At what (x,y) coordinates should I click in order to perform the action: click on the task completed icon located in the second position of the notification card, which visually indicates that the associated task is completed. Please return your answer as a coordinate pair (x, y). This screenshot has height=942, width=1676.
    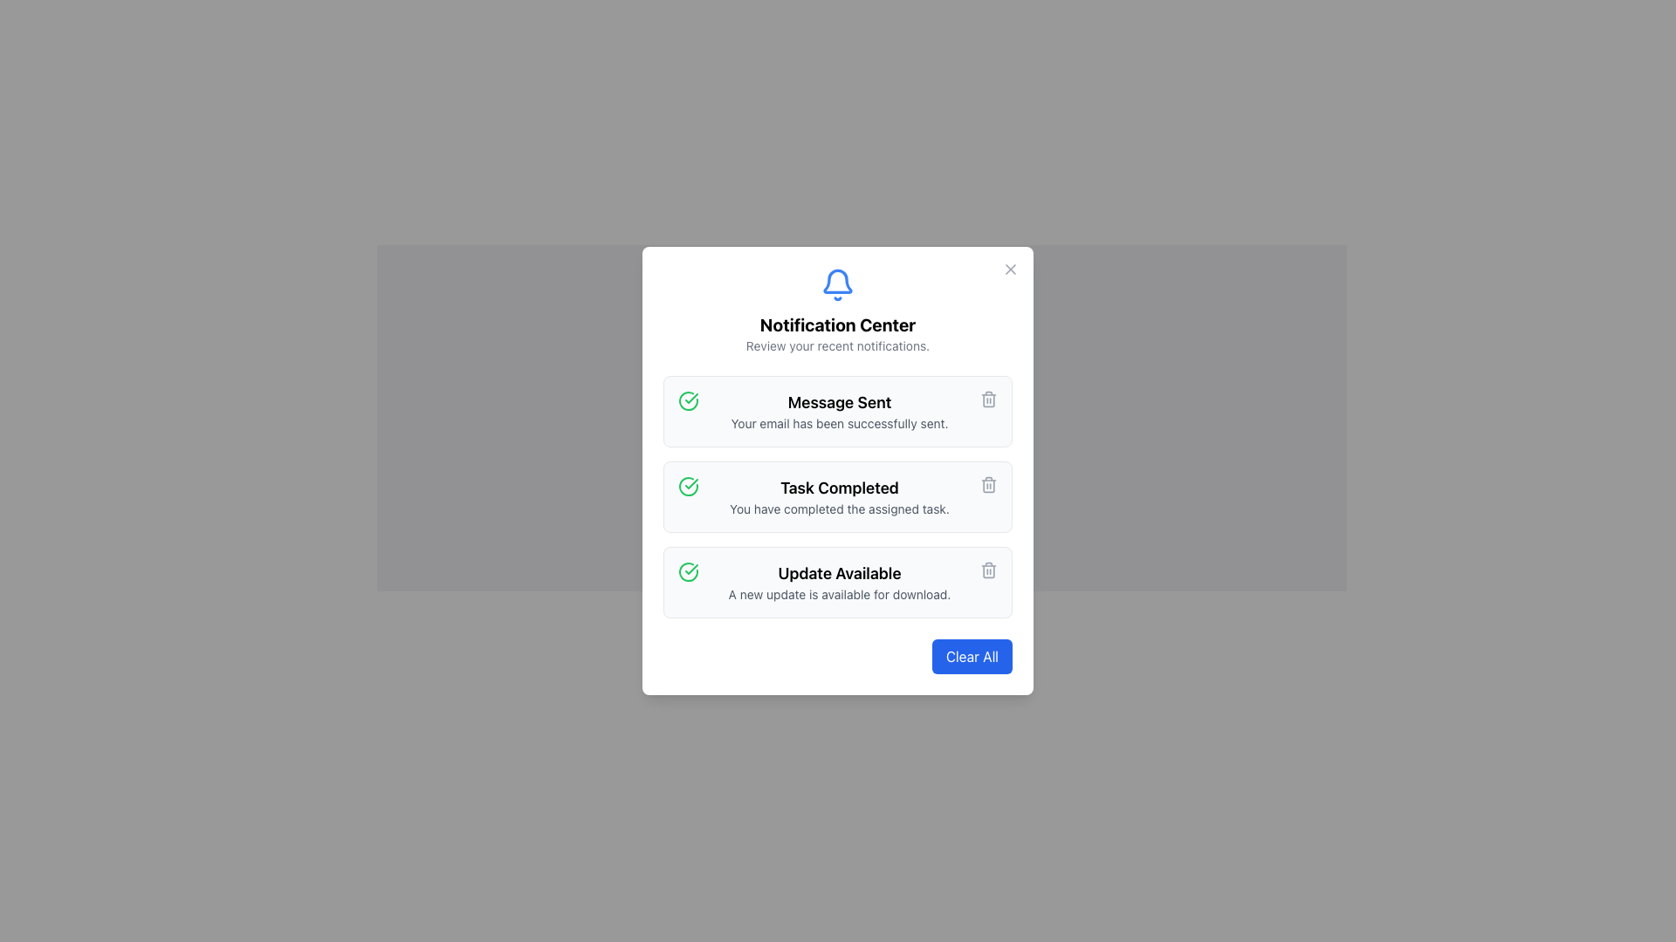
    Looking at the image, I should click on (687, 487).